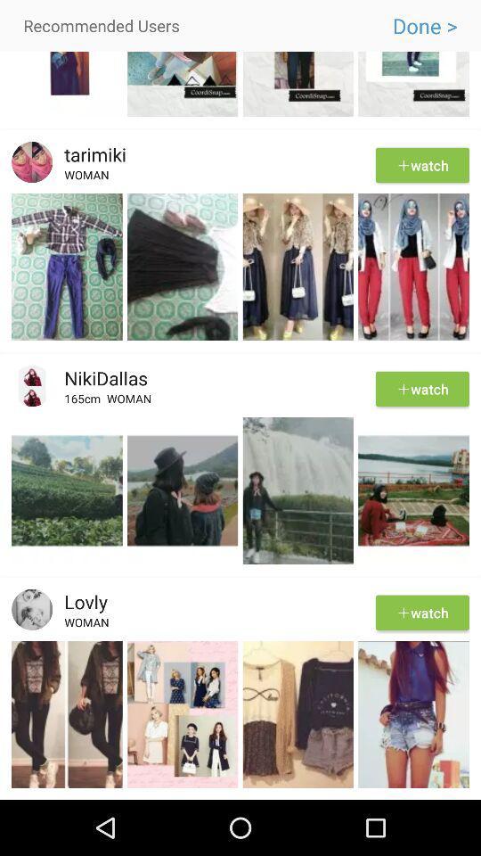  What do you see at coordinates (88, 153) in the screenshot?
I see `tarimiki icon` at bounding box center [88, 153].